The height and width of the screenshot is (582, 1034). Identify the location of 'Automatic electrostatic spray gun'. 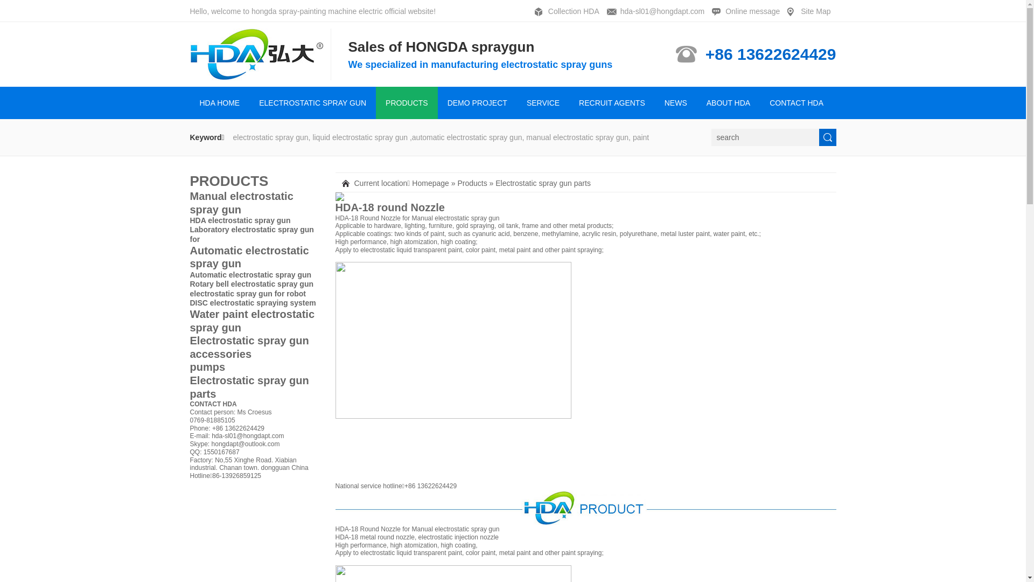
(250, 274).